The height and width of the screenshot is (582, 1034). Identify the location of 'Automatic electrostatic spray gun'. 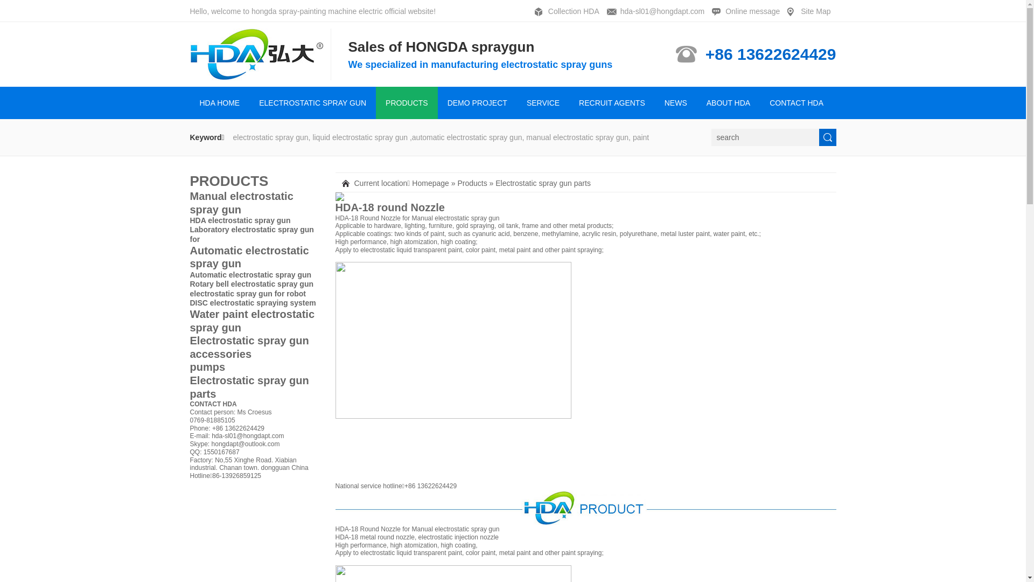
(250, 274).